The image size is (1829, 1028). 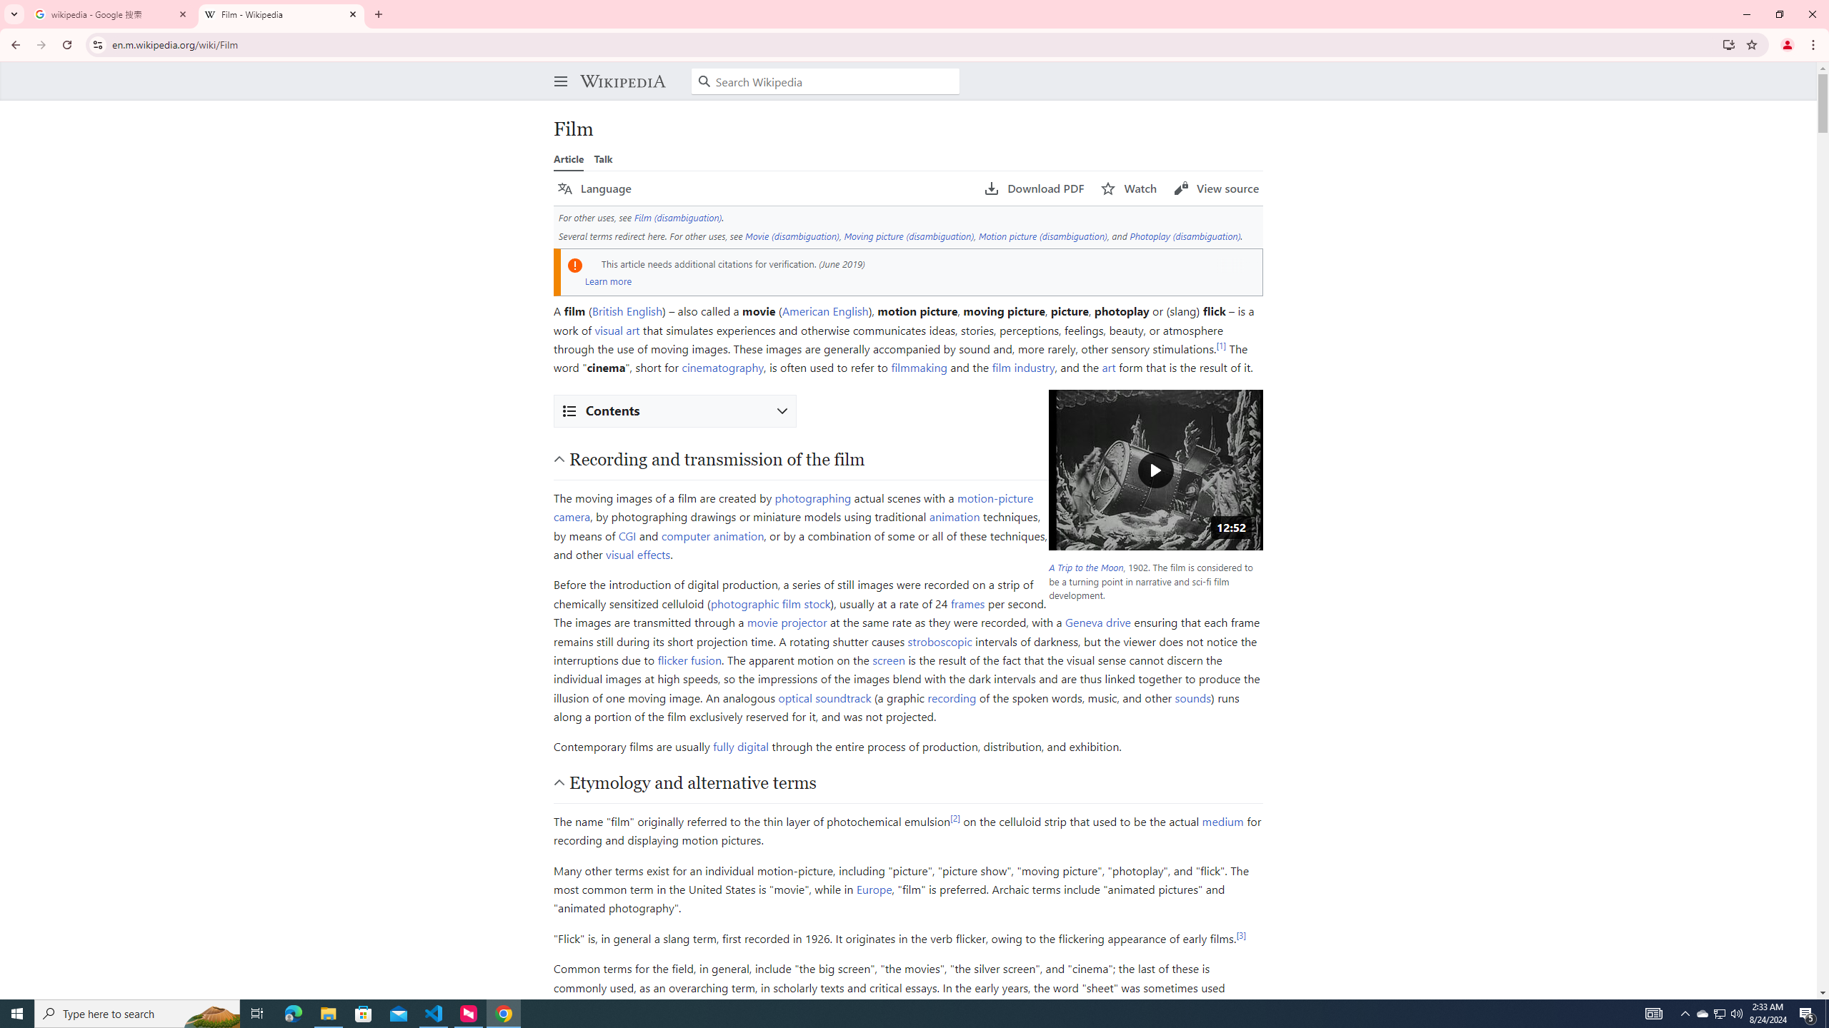 I want to click on 'filmmaking', so click(x=918, y=366).